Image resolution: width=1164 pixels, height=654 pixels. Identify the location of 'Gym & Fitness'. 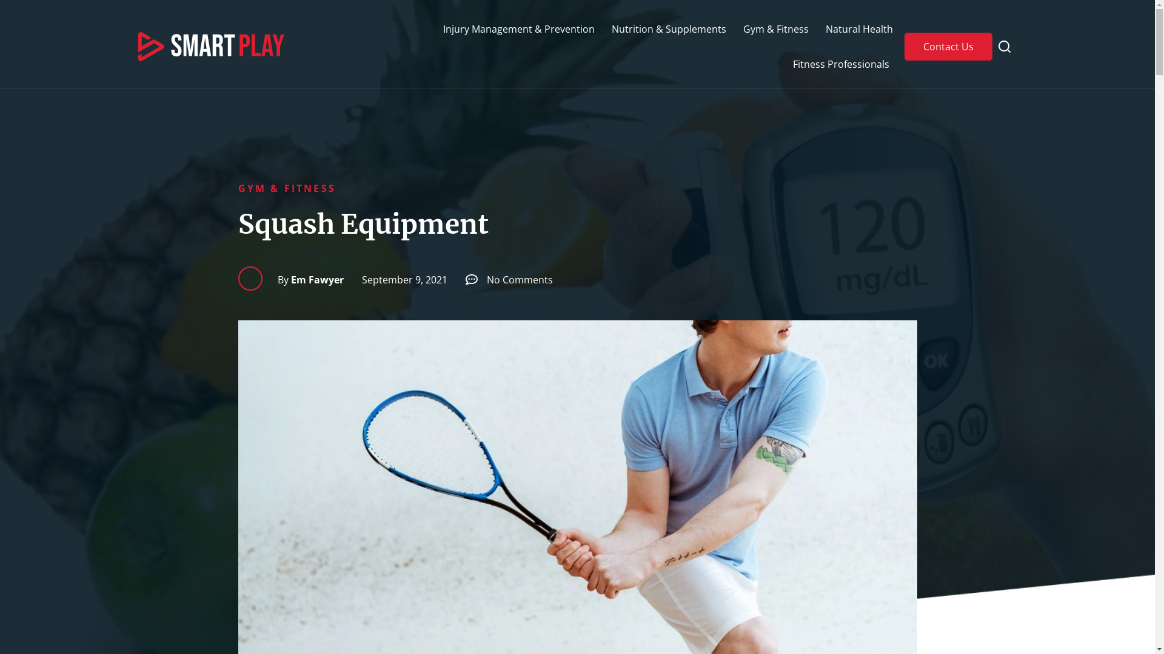
(776, 28).